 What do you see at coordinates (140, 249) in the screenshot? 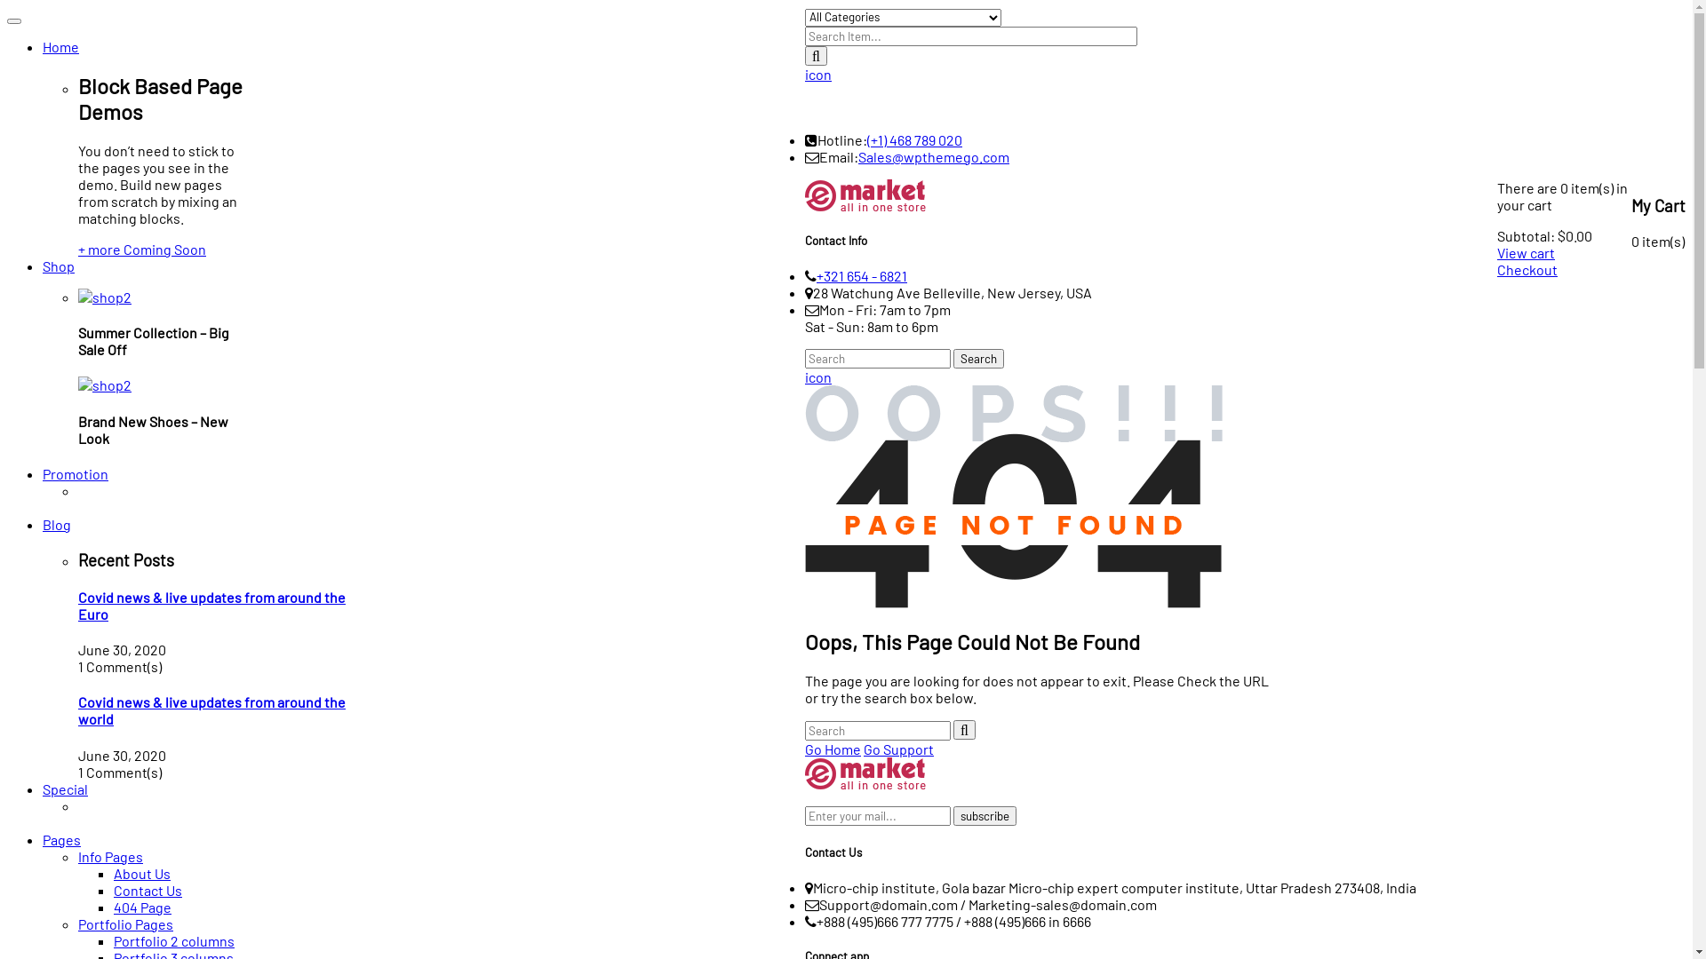
I see `'+ more Coming Soon'` at bounding box center [140, 249].